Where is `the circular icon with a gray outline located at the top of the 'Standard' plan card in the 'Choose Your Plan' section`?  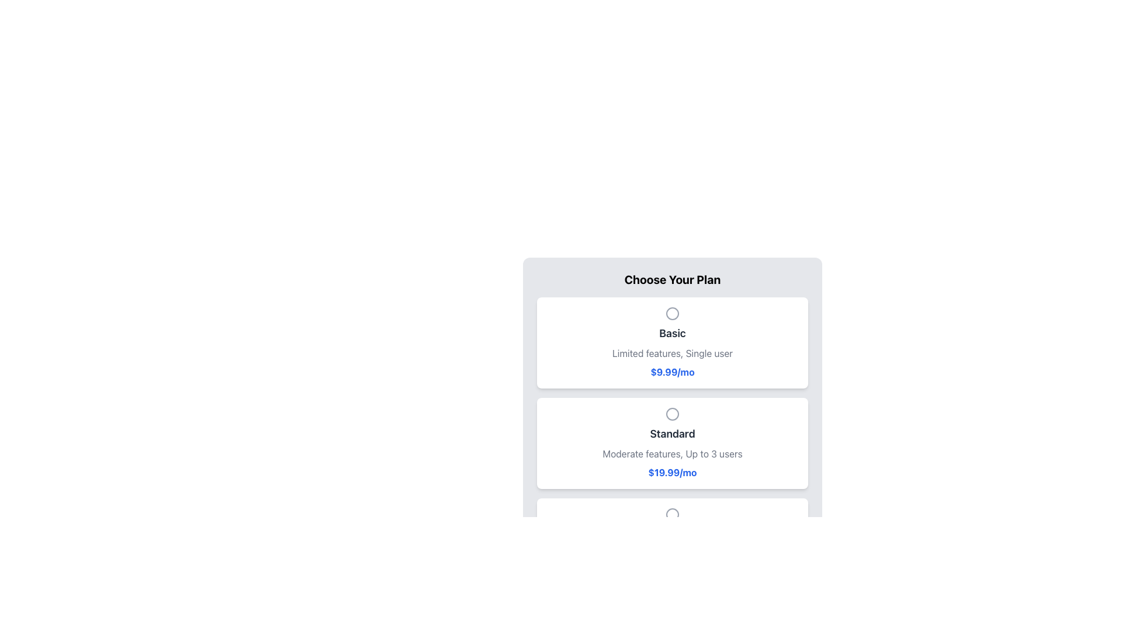 the circular icon with a gray outline located at the top of the 'Standard' plan card in the 'Choose Your Plan' section is located at coordinates (673, 414).